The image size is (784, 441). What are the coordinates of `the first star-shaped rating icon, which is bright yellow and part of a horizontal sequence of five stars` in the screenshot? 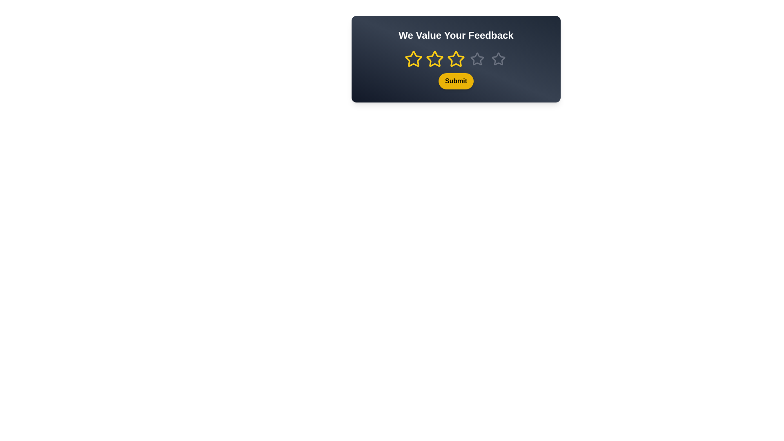 It's located at (413, 59).